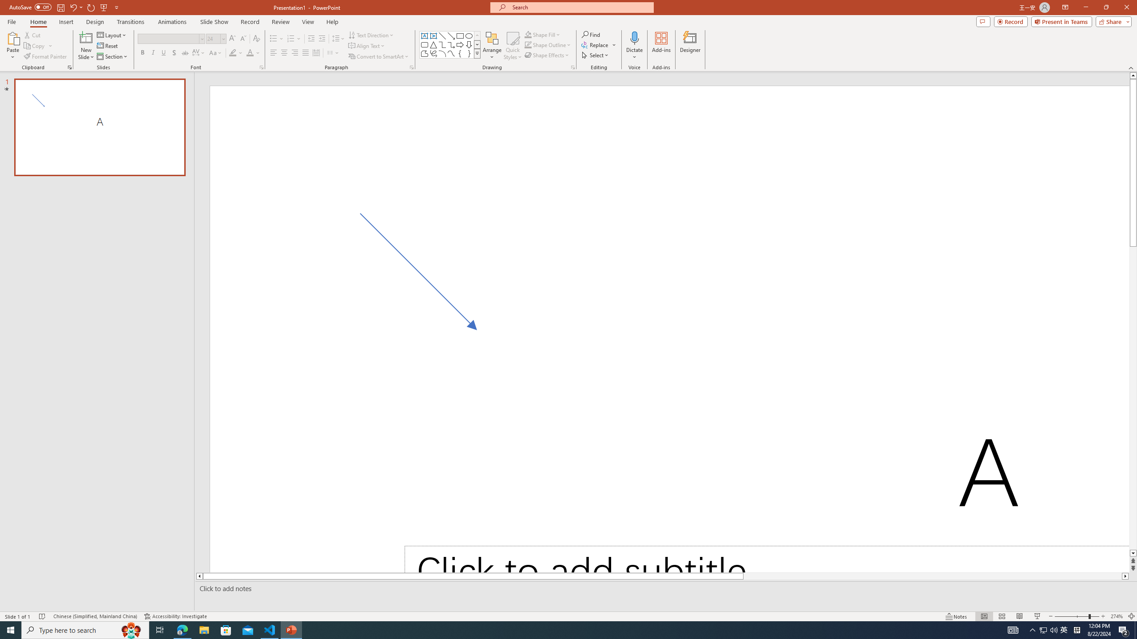 The width and height of the screenshot is (1137, 639). Describe the element at coordinates (99, 127) in the screenshot. I see `'Slide A'` at that location.